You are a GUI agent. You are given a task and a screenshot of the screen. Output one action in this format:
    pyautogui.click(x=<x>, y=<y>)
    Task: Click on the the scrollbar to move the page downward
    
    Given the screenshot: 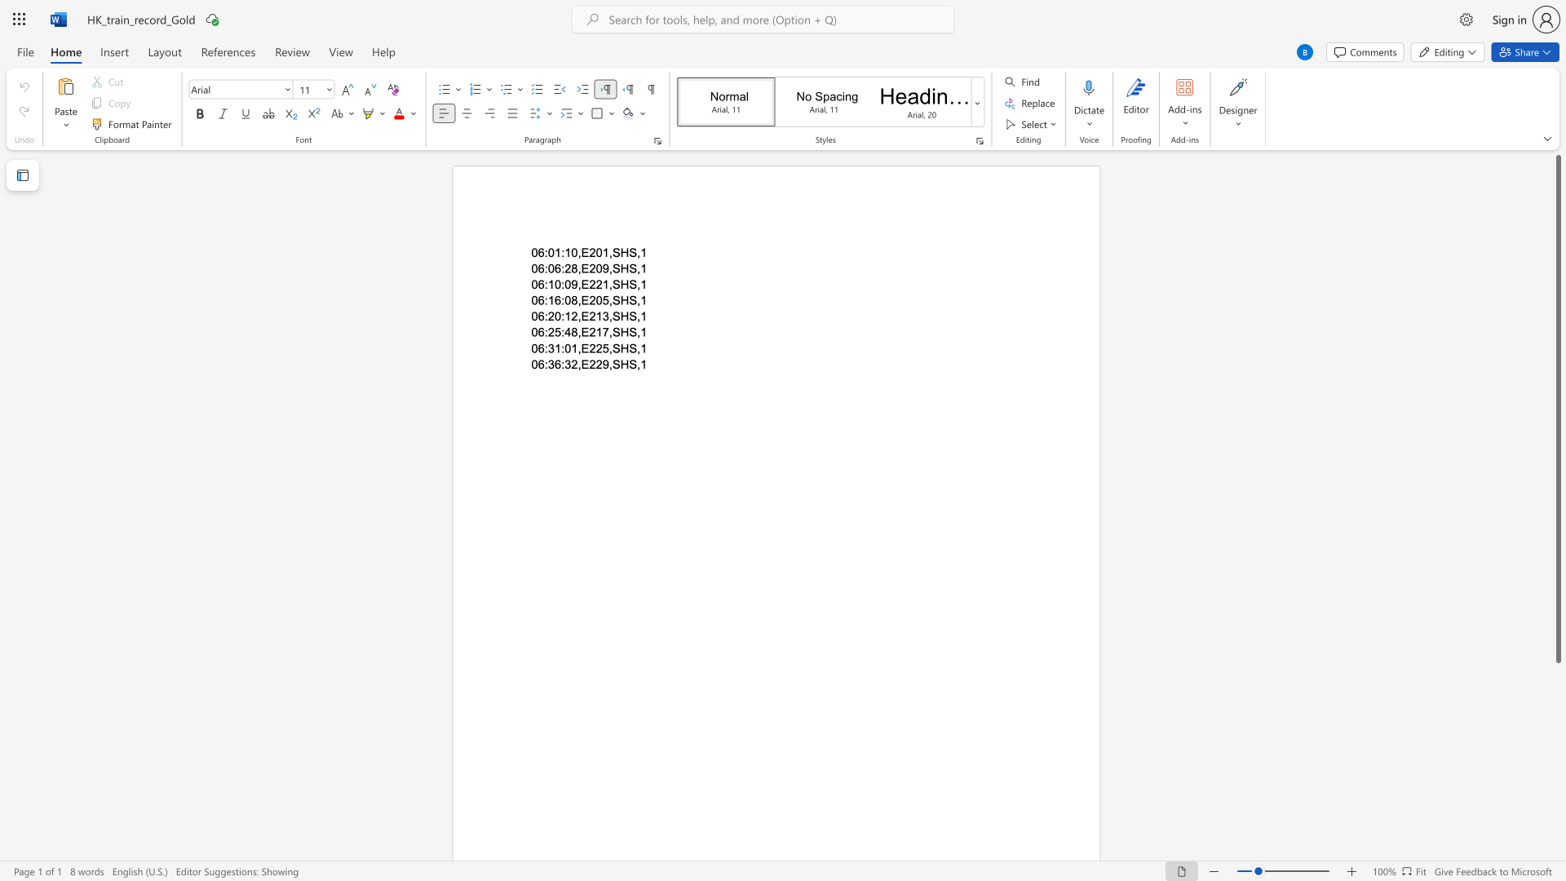 What is the action you would take?
    pyautogui.click(x=1557, y=808)
    